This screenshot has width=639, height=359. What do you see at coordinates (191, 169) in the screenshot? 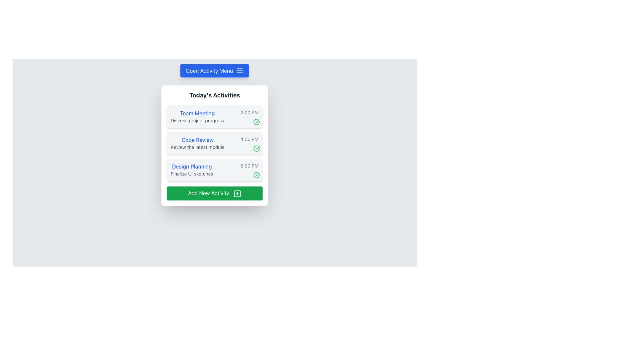
I see `the Display text (multi-line) element that represents a planned activity, located between 'Code Review' and 'Add New Activity' in the 'Today's Activities' section` at bounding box center [191, 169].